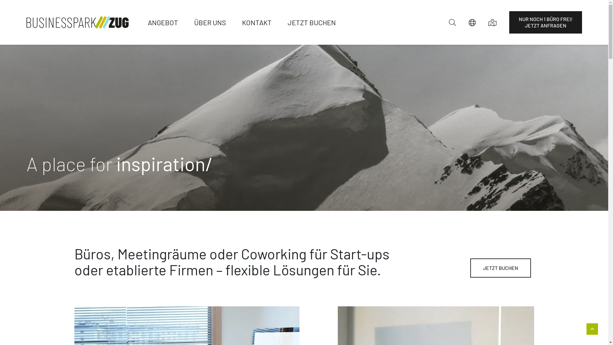 The height and width of the screenshot is (345, 613). Describe the element at coordinates (472, 22) in the screenshot. I see `'Sprachauswahl'` at that location.